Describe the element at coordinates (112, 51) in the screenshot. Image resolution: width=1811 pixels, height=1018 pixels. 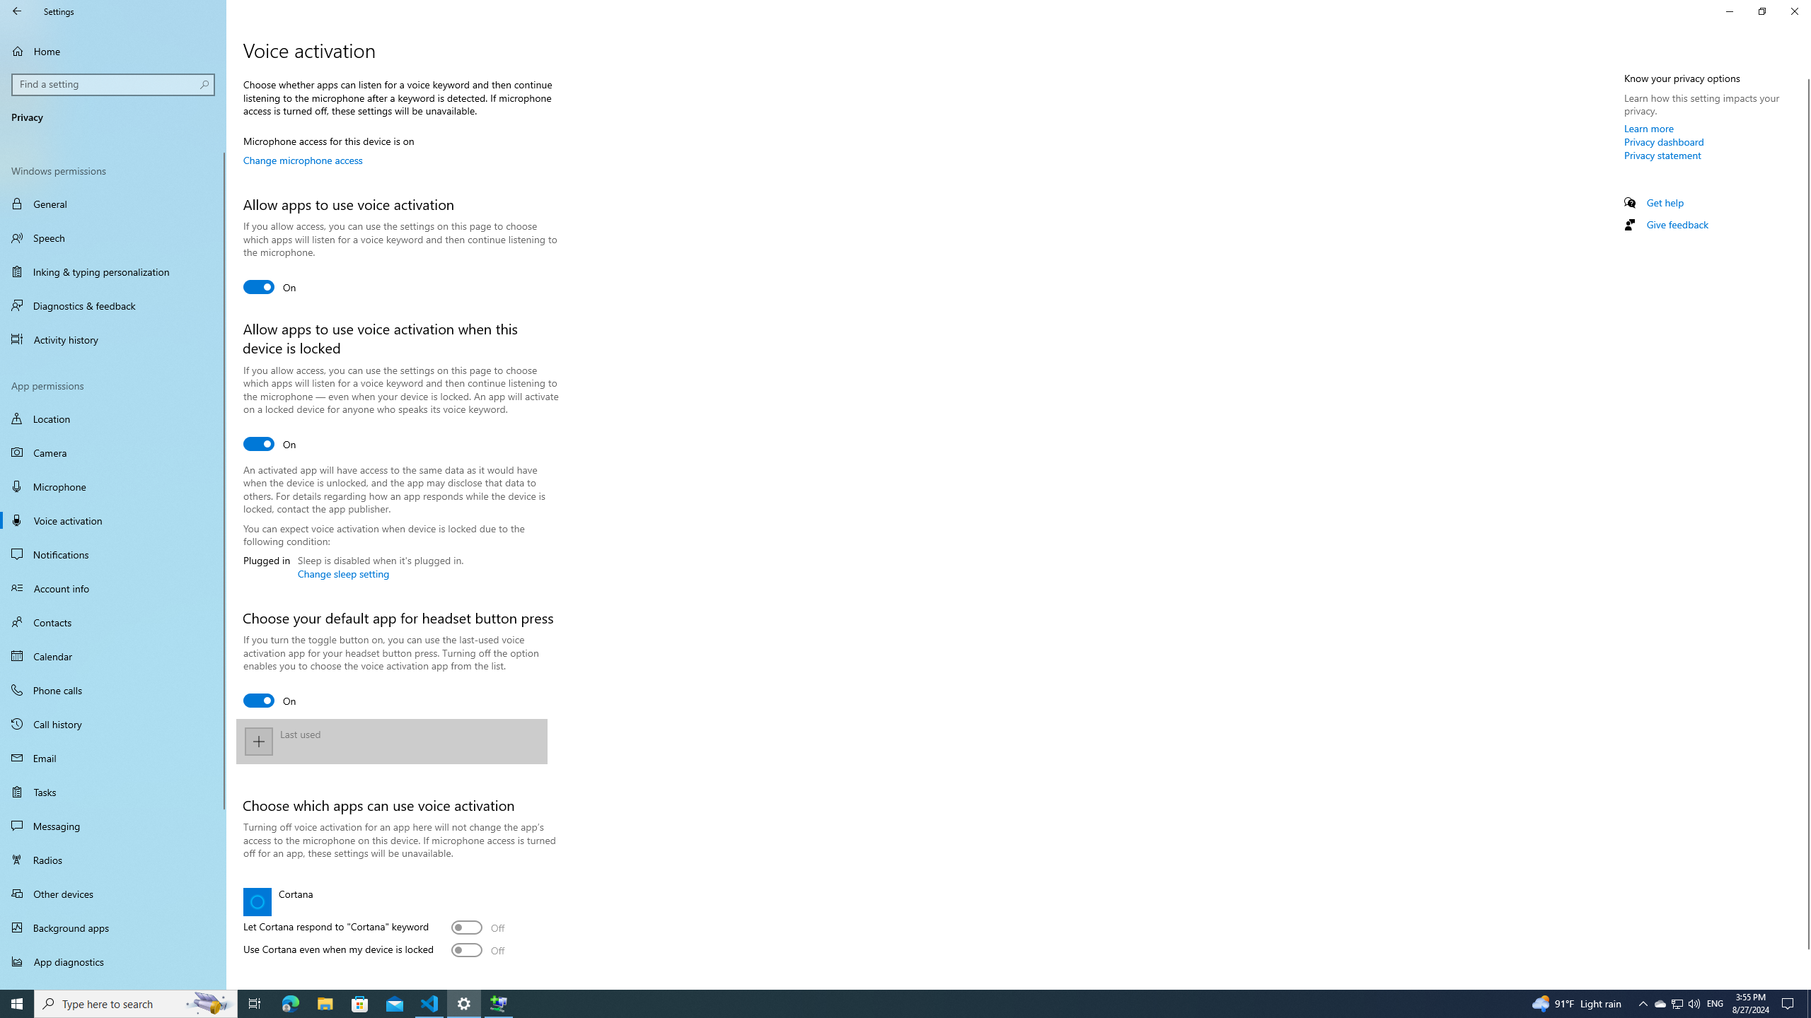
I see `'Home'` at that location.